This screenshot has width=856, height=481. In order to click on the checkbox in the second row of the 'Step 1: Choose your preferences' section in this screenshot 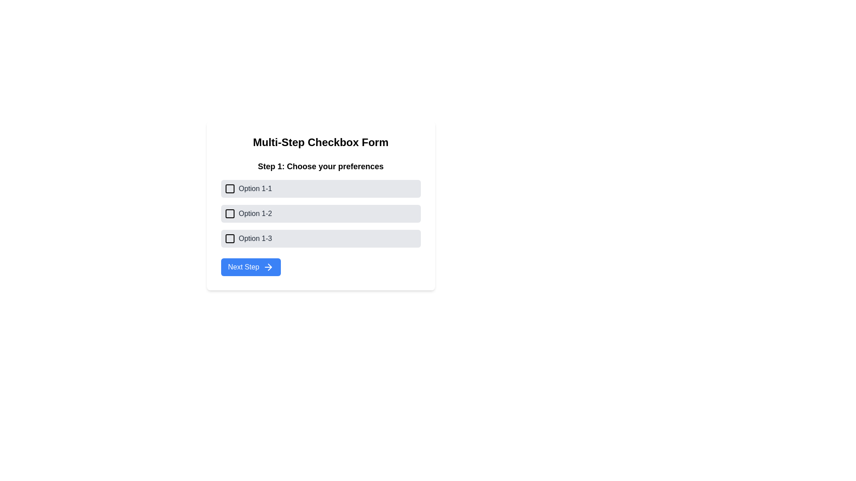, I will do `click(321, 218)`.